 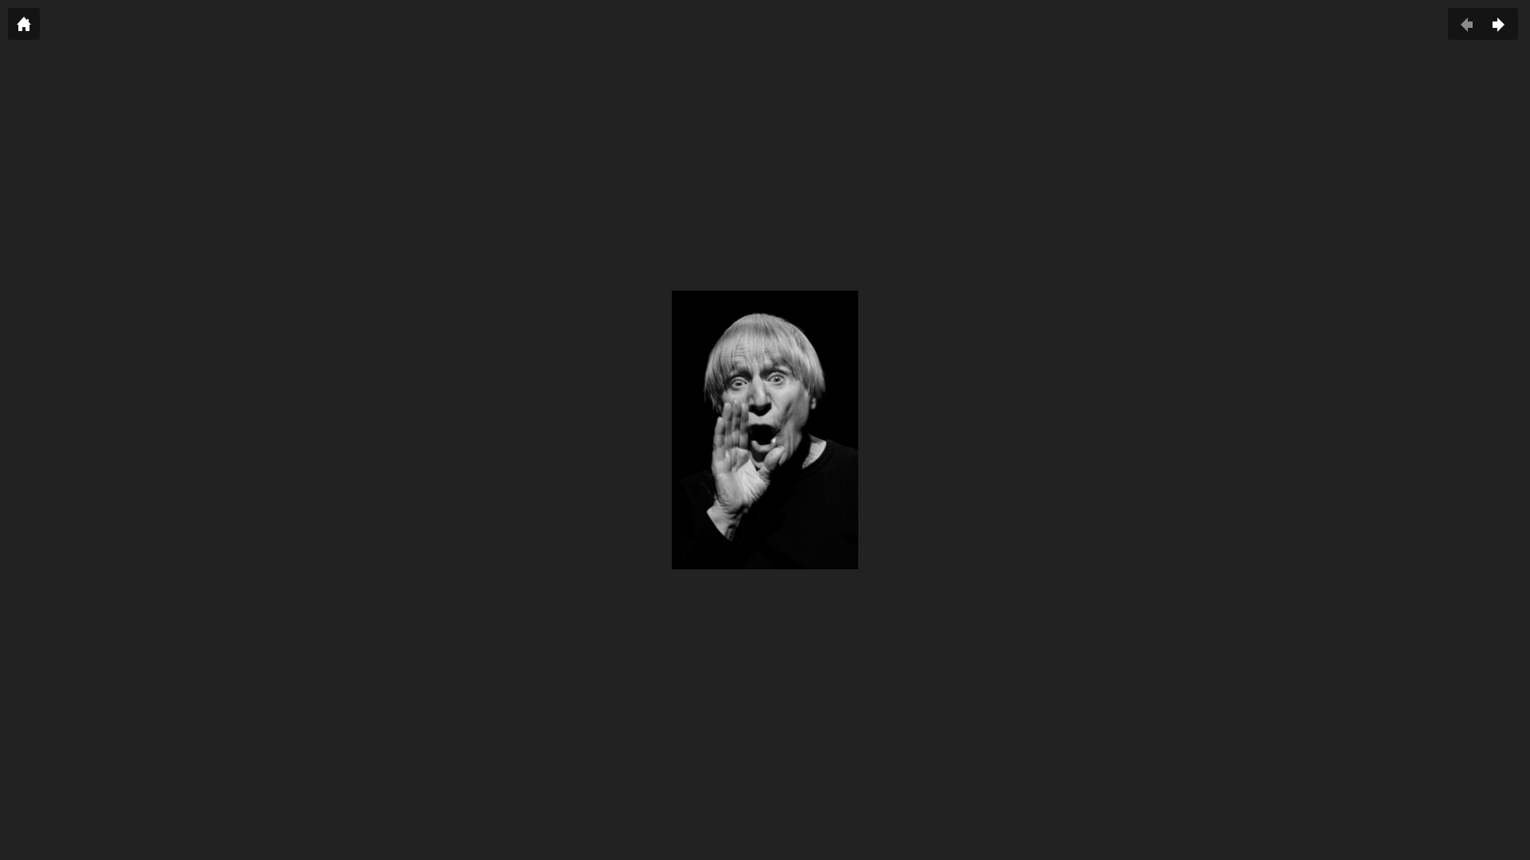 I want to click on 'Previous Image', so click(x=1466, y=24).